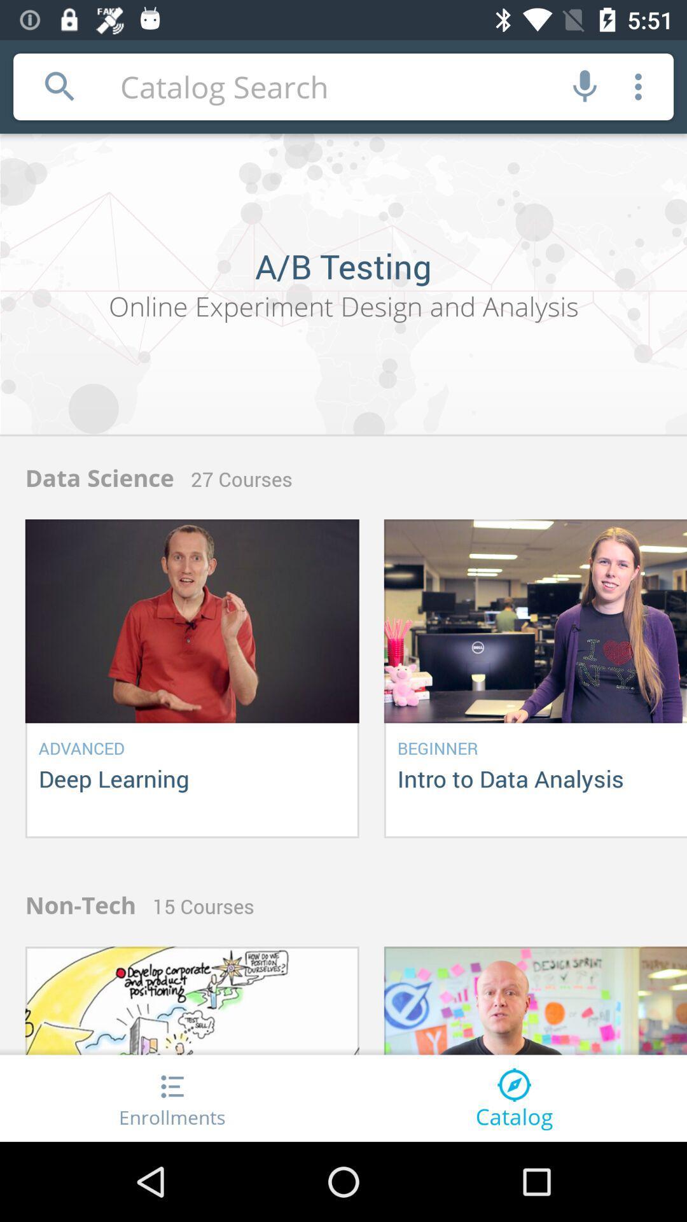 This screenshot has height=1222, width=687. I want to click on use microphone to search, so click(585, 86).